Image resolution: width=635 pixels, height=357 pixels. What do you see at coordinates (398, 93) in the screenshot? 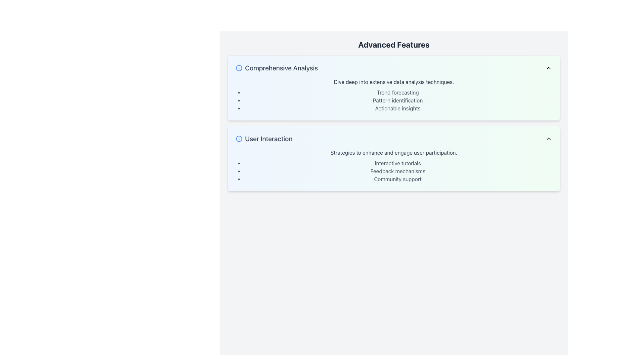
I see `informational text label marking the topic 'Trend forecasting' located in the upper-left section of the 'Advanced Features' section, above 'Pattern identification'` at bounding box center [398, 93].